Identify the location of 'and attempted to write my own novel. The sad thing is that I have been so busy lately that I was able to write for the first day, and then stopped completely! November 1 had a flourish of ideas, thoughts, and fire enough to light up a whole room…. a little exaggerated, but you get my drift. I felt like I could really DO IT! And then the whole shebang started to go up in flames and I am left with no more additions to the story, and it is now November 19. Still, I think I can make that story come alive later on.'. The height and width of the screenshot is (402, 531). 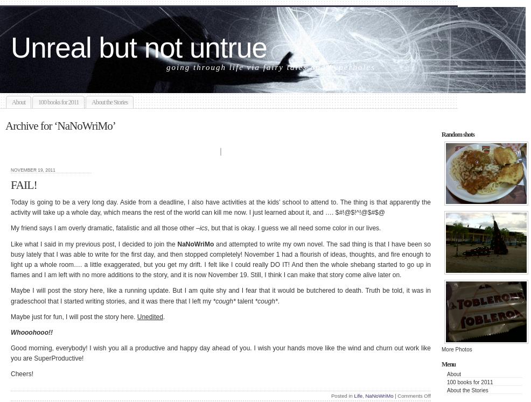
(220, 258).